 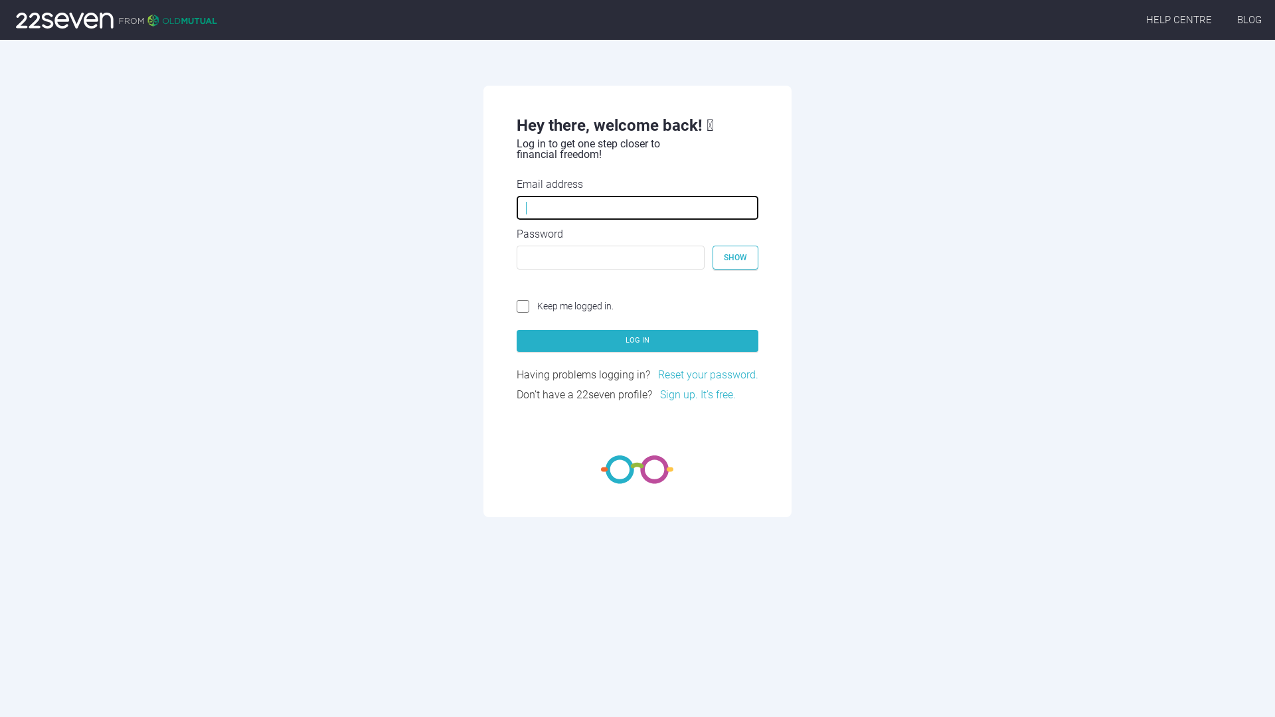 I want to click on 'SHOW', so click(x=712, y=258).